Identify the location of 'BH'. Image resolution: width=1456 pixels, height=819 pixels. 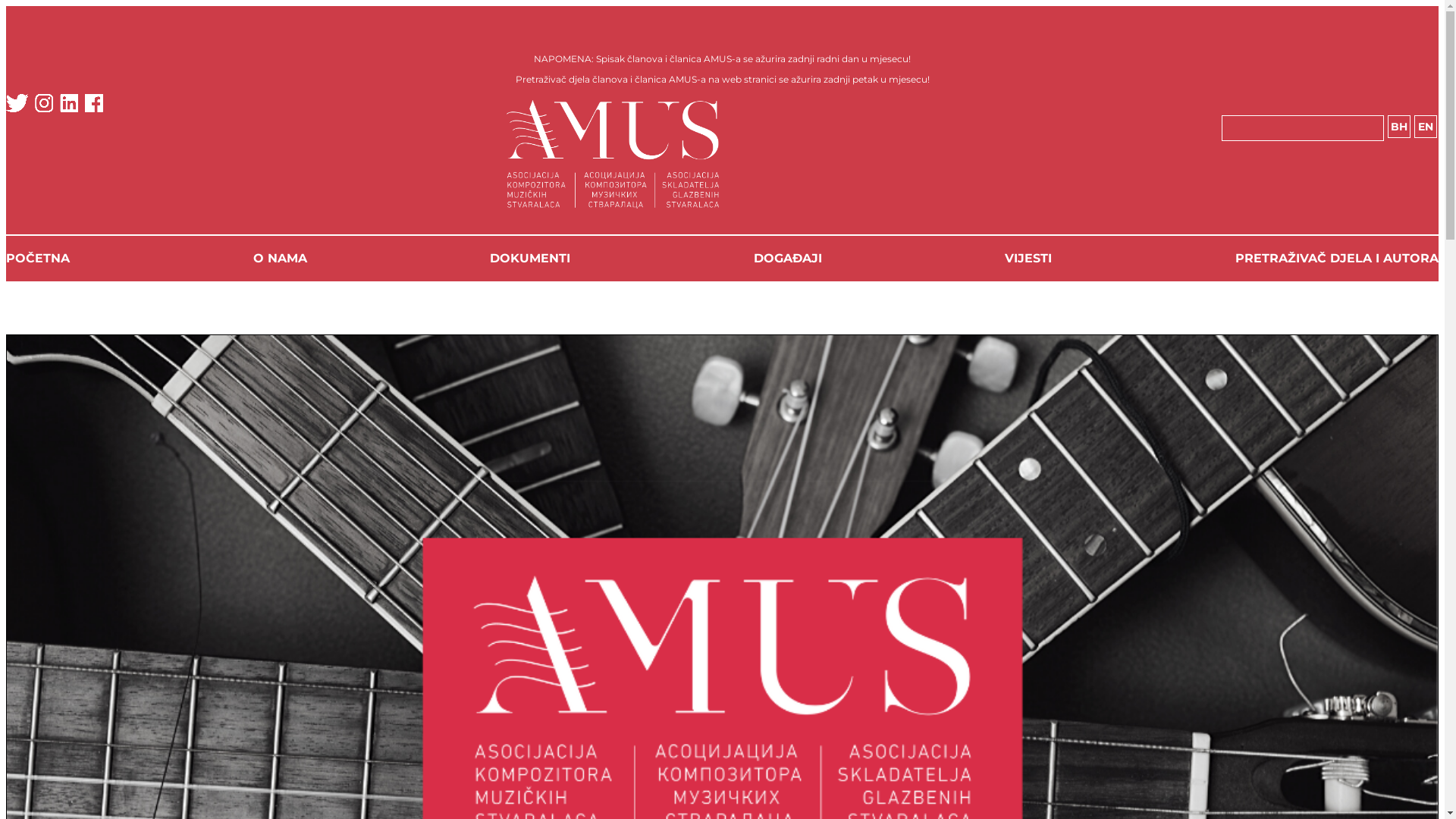
(1387, 125).